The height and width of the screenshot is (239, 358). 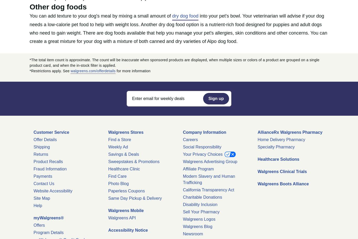 What do you see at coordinates (42, 176) in the screenshot?
I see `'Payments'` at bounding box center [42, 176].